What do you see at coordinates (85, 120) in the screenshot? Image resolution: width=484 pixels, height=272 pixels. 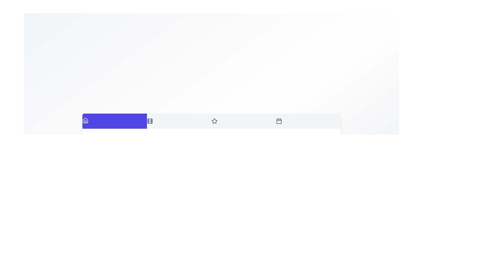 I see `the house icon in the leftmost segment of the horizontal navigation bar` at bounding box center [85, 120].